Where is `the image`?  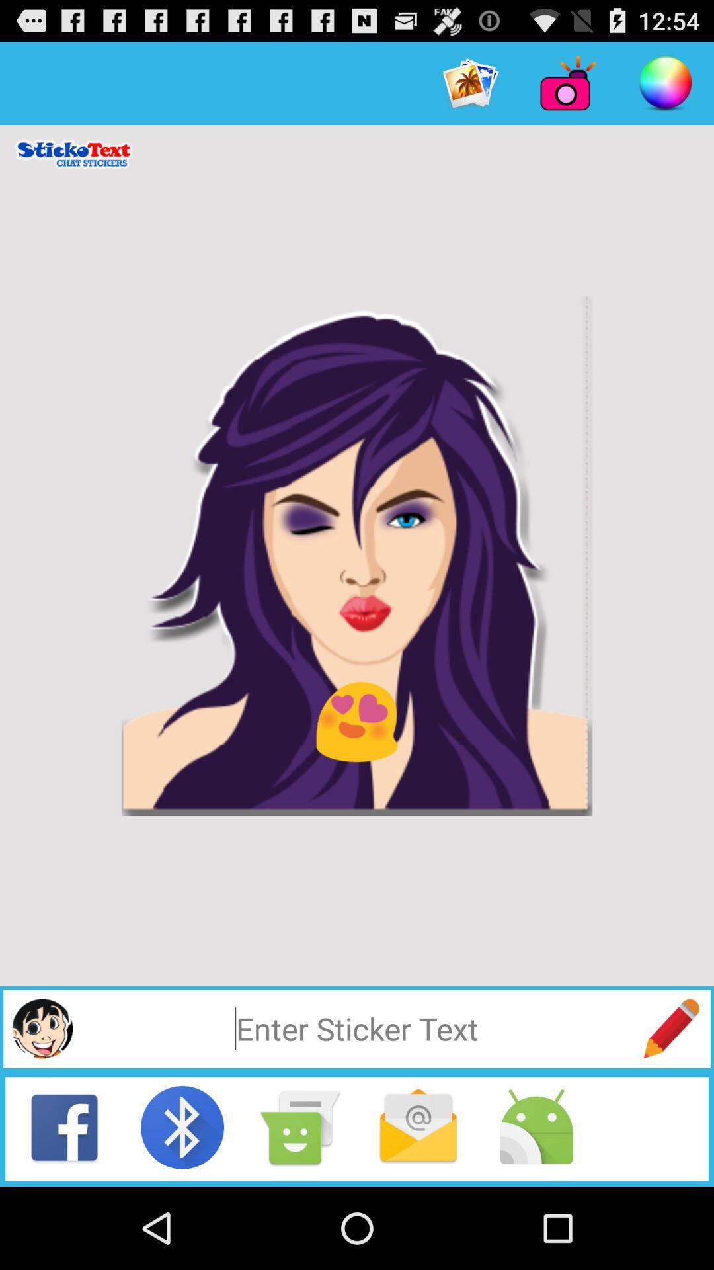
the image is located at coordinates (357, 556).